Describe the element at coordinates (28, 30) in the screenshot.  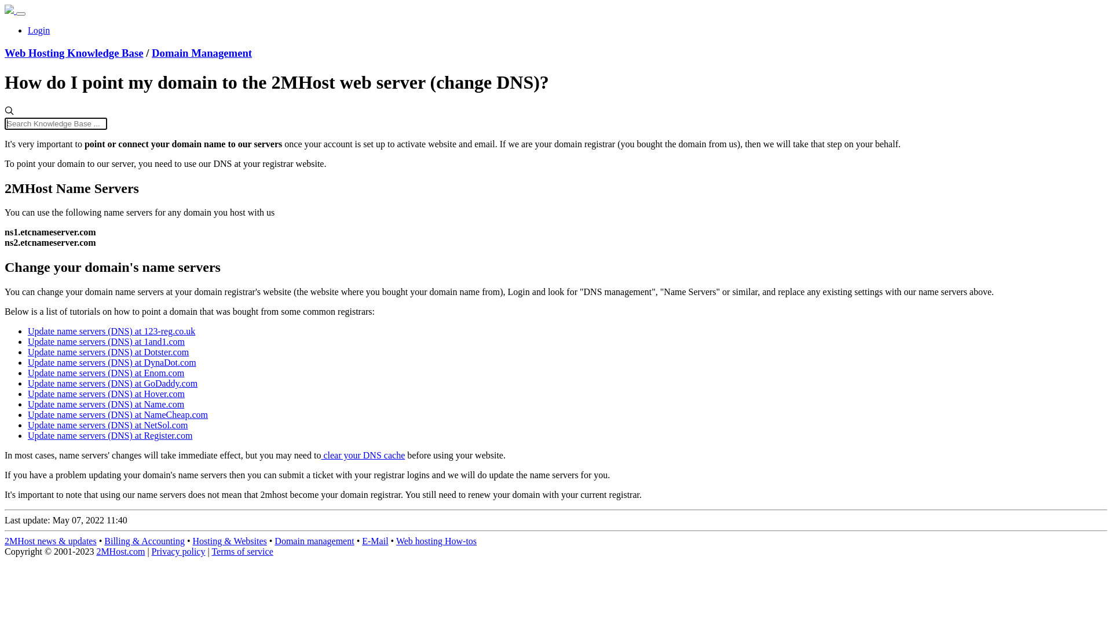
I see `'Login'` at that location.